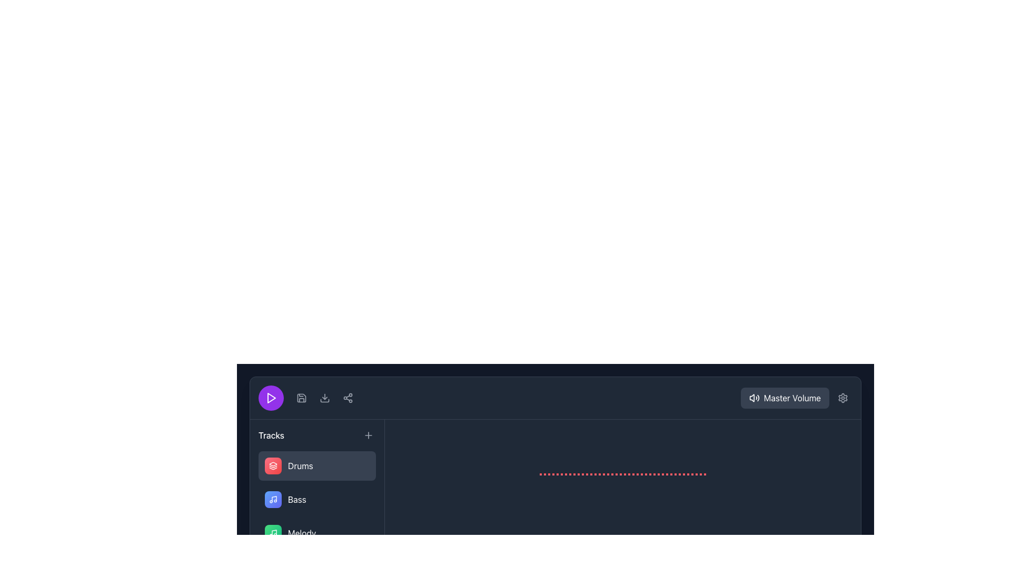 The image size is (1011, 568). What do you see at coordinates (273, 533) in the screenshot?
I see `the small square icon with rounded edges featuring a gradient green background and a white music note graphic, located in the 'Tracks' section next to the label 'Melody.'` at bounding box center [273, 533].